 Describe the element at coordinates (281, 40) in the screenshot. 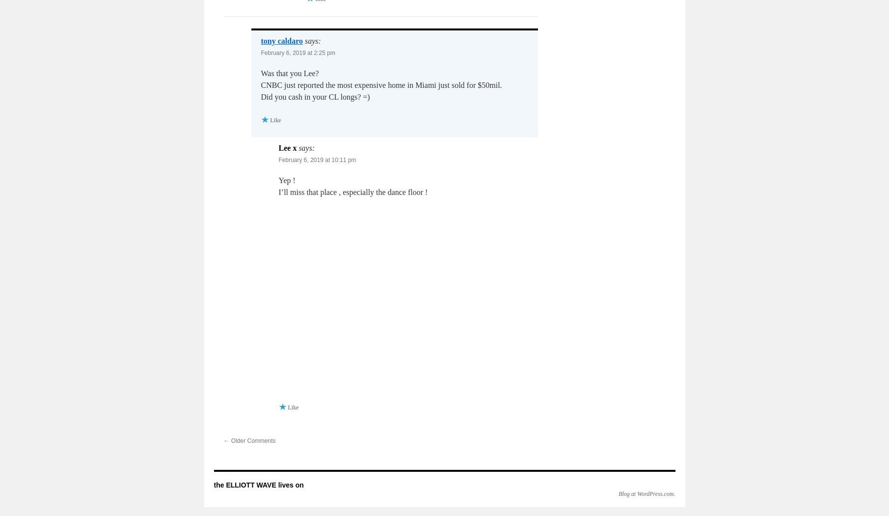

I see `'tony caldaro'` at that location.